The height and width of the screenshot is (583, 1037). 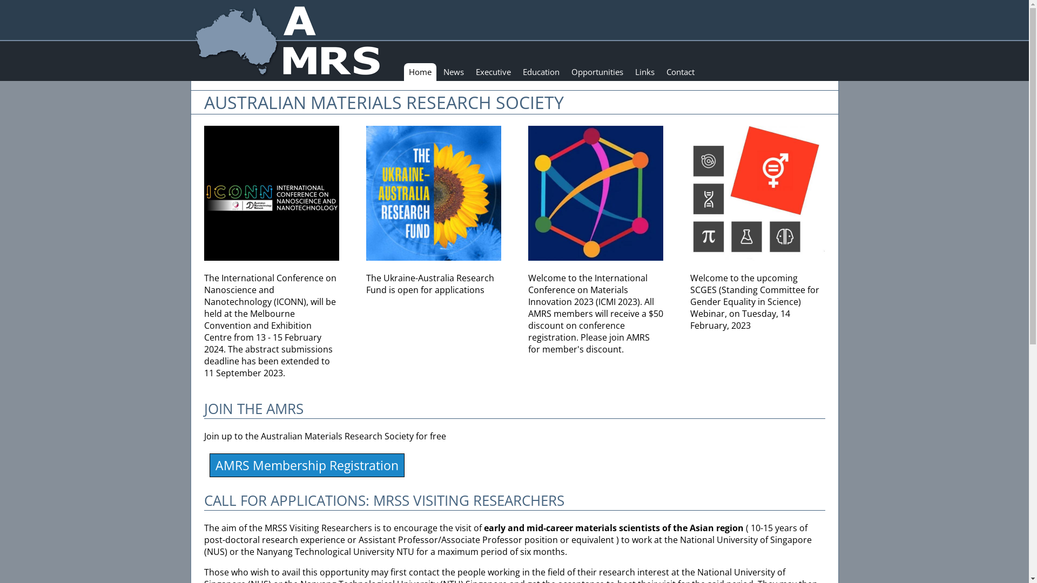 What do you see at coordinates (454, 72) in the screenshot?
I see `'News'` at bounding box center [454, 72].